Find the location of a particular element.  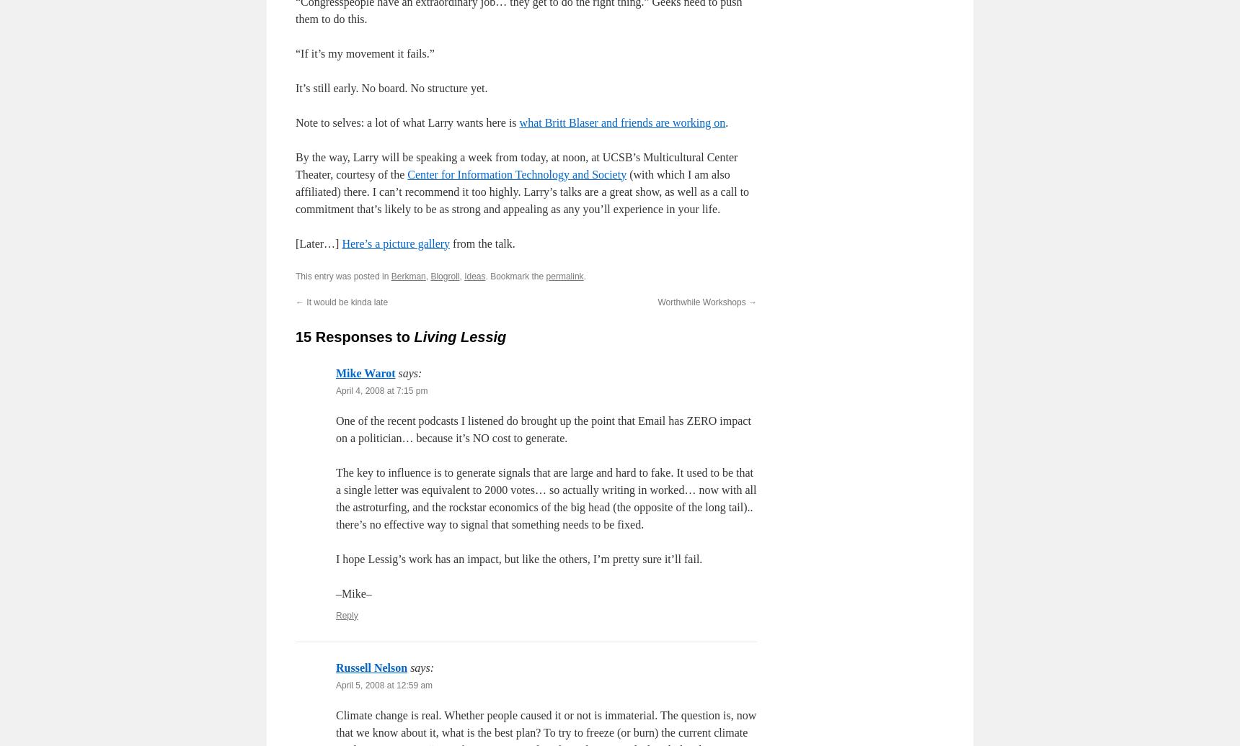

'Blogroll' is located at coordinates (430, 276).